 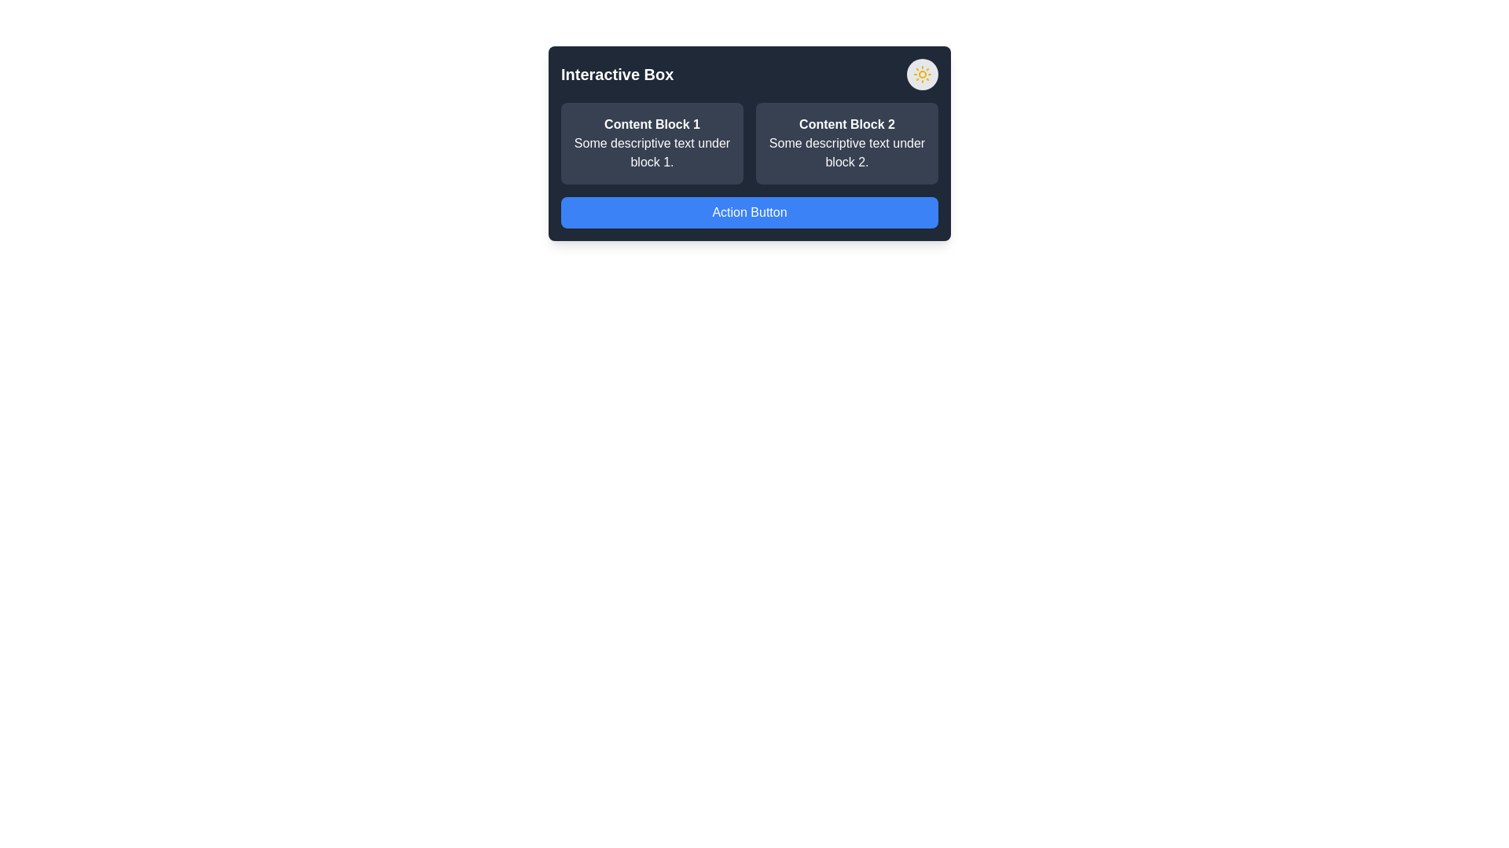 What do you see at coordinates (846, 153) in the screenshot?
I see `the descriptive text label for 'Content Block 2' to trigger potential tooltips or highlights` at bounding box center [846, 153].